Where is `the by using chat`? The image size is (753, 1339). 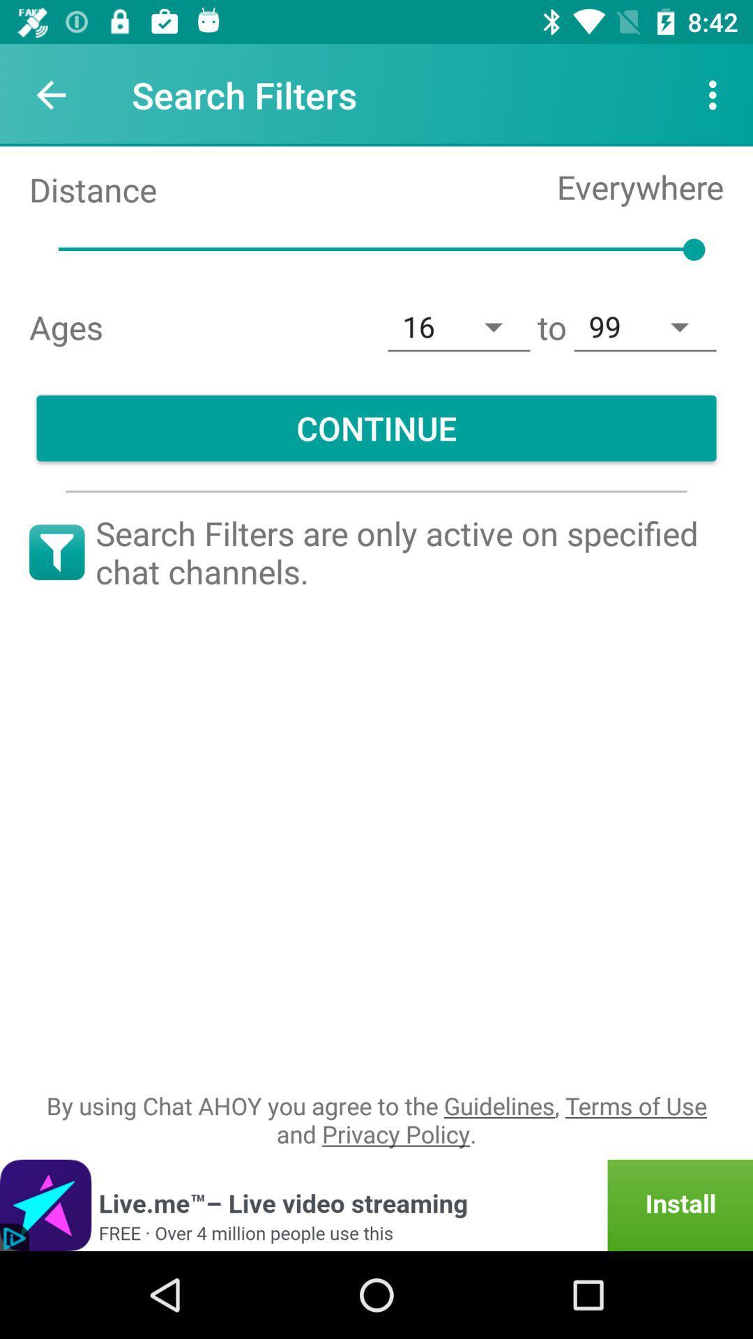
the by using chat is located at coordinates (376, 1119).